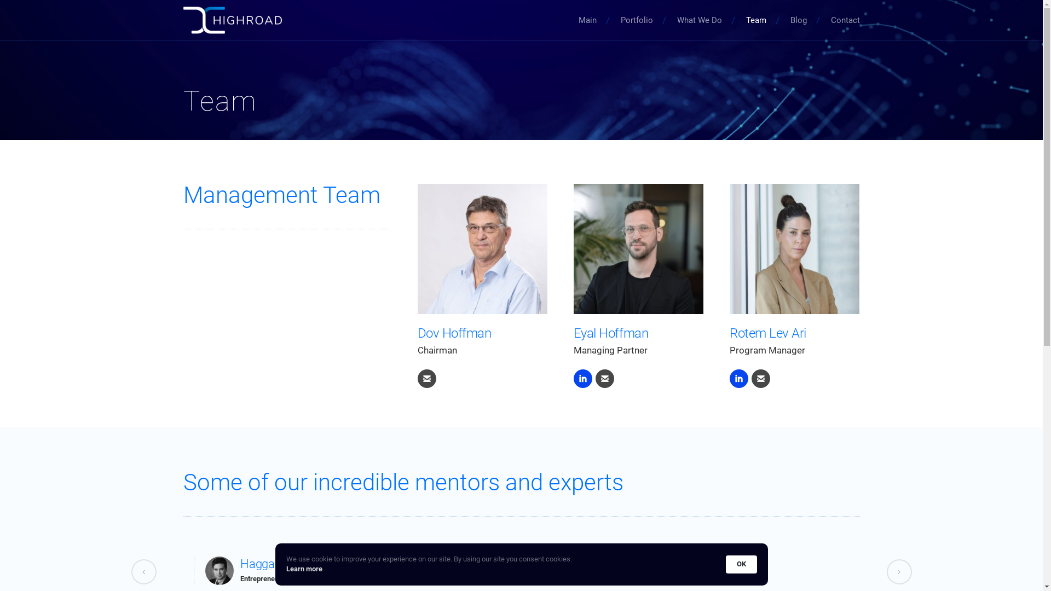 This screenshot has height=591, width=1051. What do you see at coordinates (755, 20) in the screenshot?
I see `'Team'` at bounding box center [755, 20].